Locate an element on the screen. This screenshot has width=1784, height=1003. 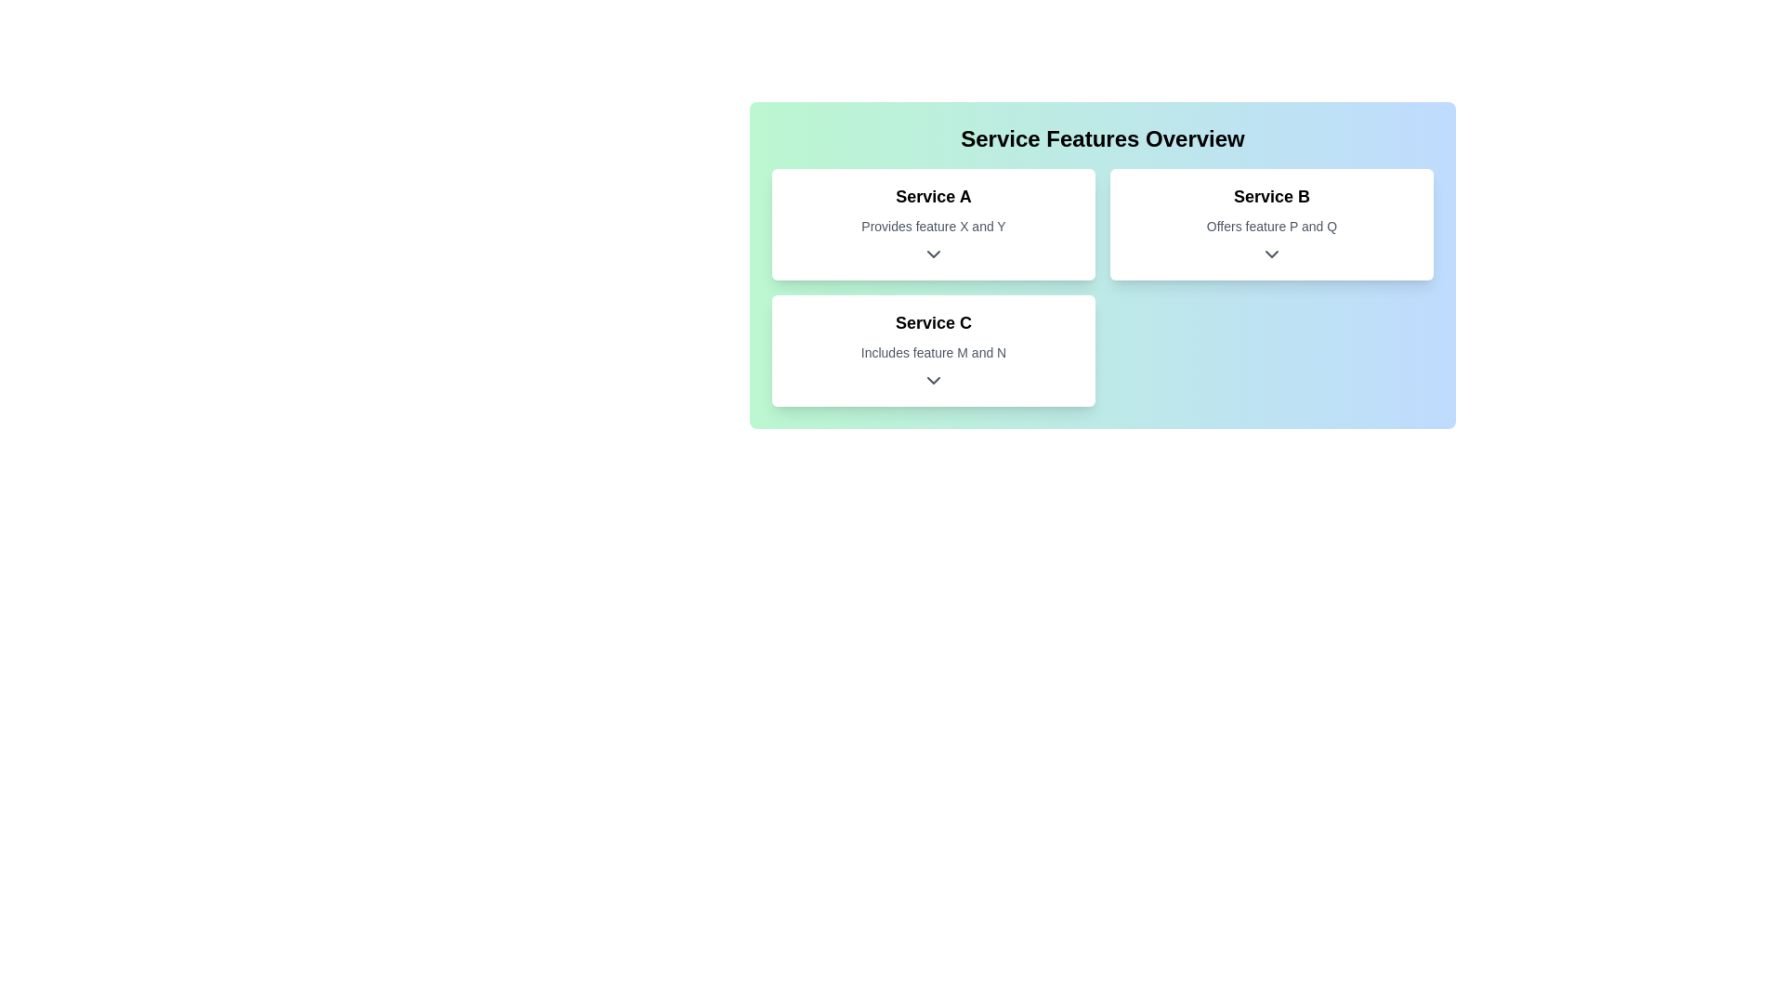
the downward-facing chevron icon button for details toggle located within the 'Service C' section, which is styled in dark gray and positioned below the text 'Includes feature M and N' is located at coordinates (933, 379).